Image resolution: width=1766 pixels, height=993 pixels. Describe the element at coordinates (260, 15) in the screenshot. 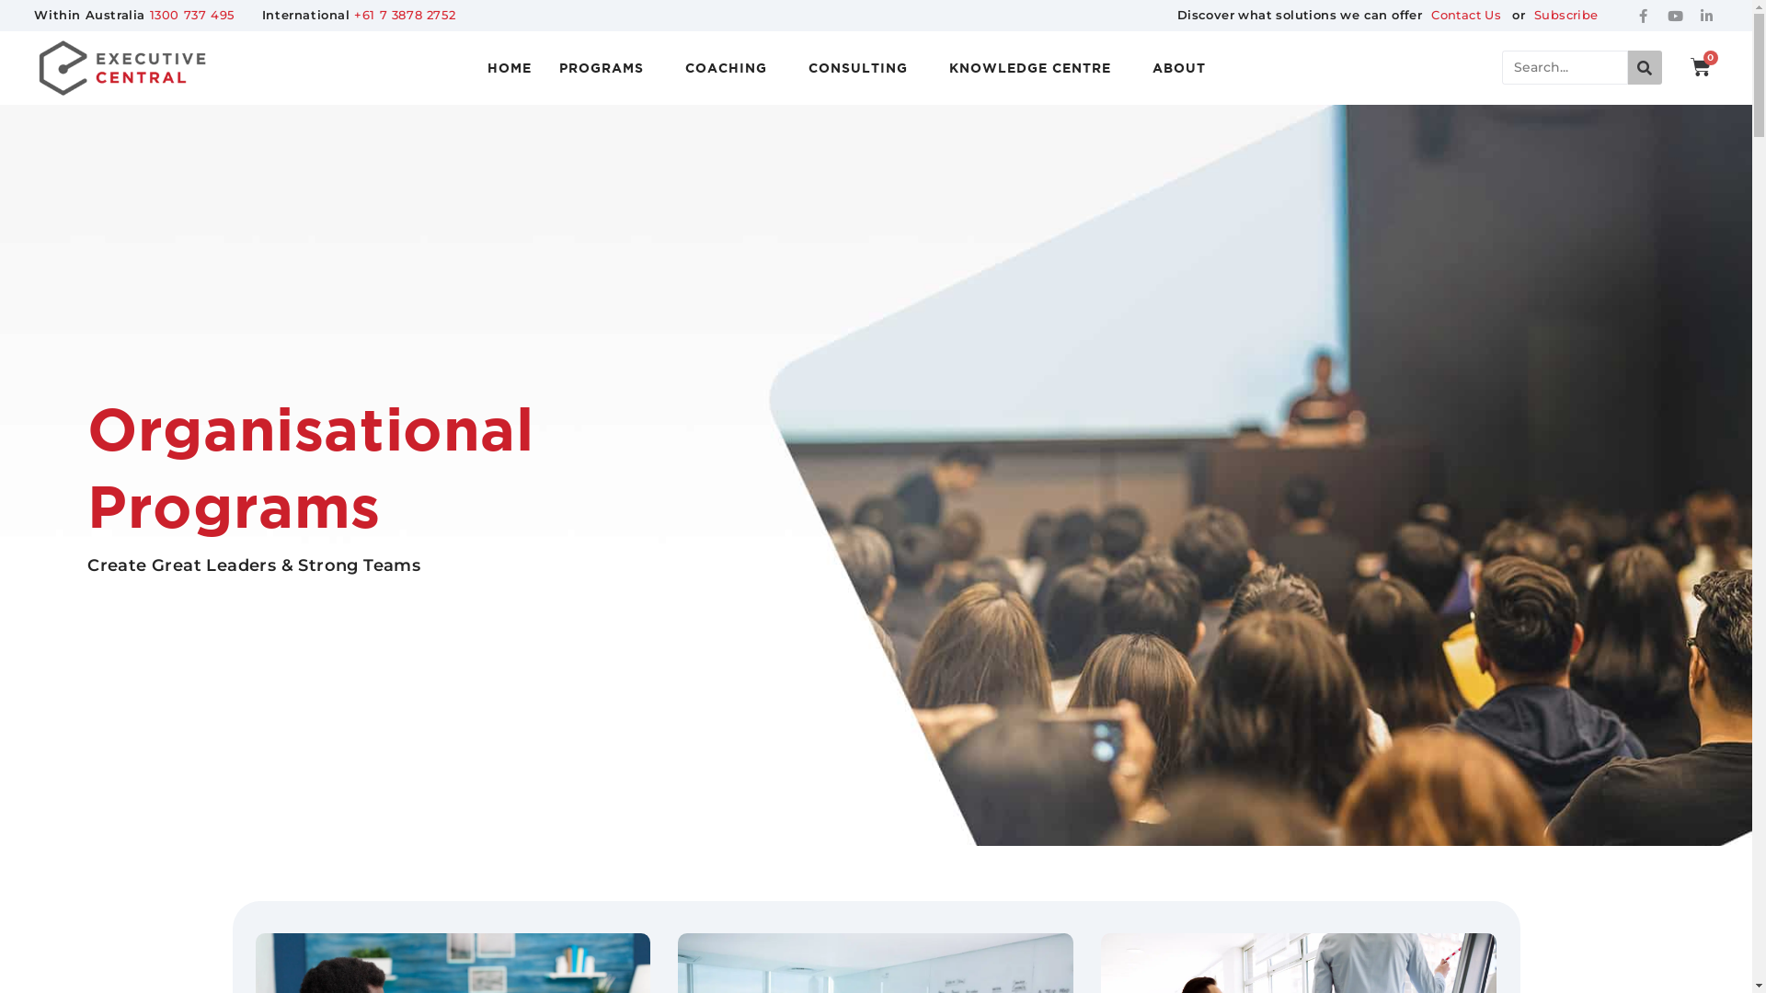

I see `'International +61 7 3878 2752'` at that location.